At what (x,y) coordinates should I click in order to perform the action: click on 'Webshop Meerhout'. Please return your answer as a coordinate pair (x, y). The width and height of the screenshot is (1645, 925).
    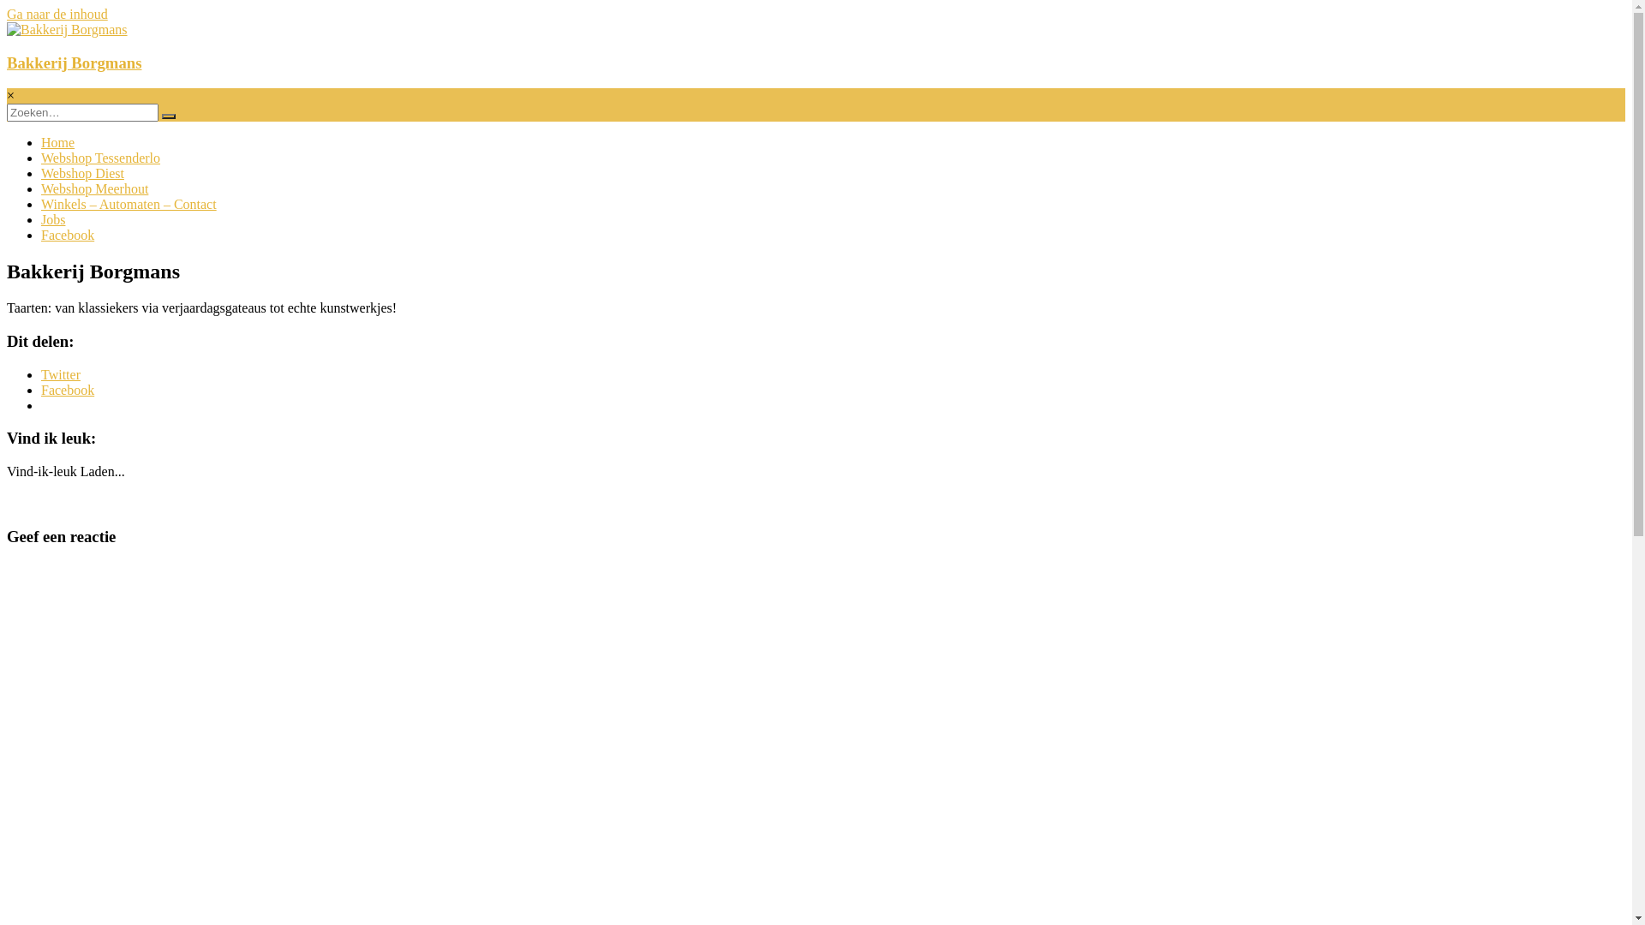
    Looking at the image, I should click on (41, 188).